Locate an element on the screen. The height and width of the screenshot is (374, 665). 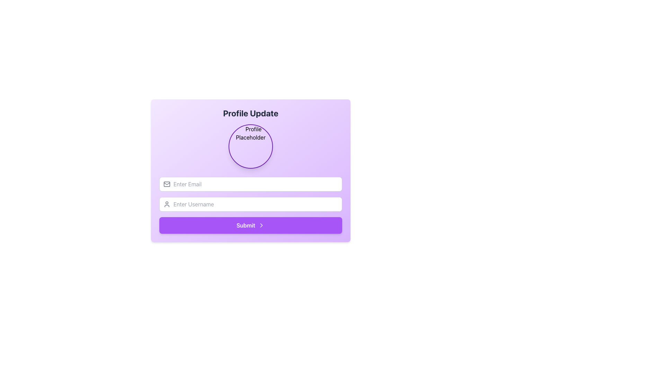
the chevron icon located on the right side of the 'Submit' button is located at coordinates (261, 225).